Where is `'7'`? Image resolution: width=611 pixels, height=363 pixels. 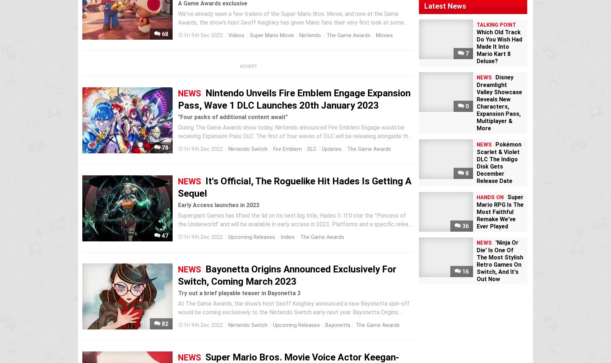 '7' is located at coordinates (466, 53).